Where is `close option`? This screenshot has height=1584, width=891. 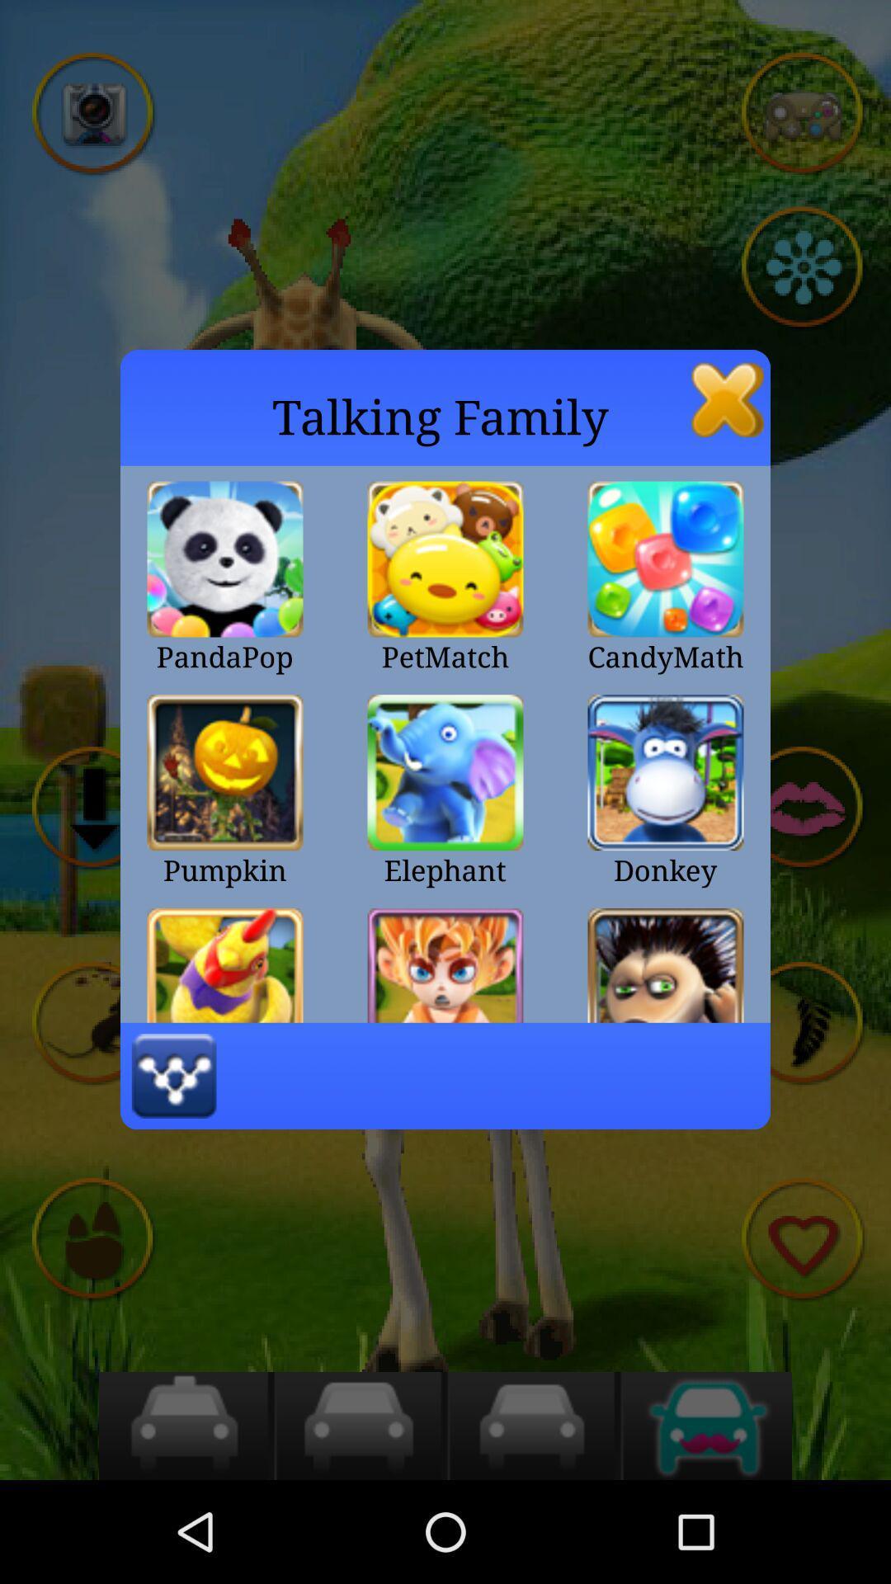 close option is located at coordinates (727, 399).